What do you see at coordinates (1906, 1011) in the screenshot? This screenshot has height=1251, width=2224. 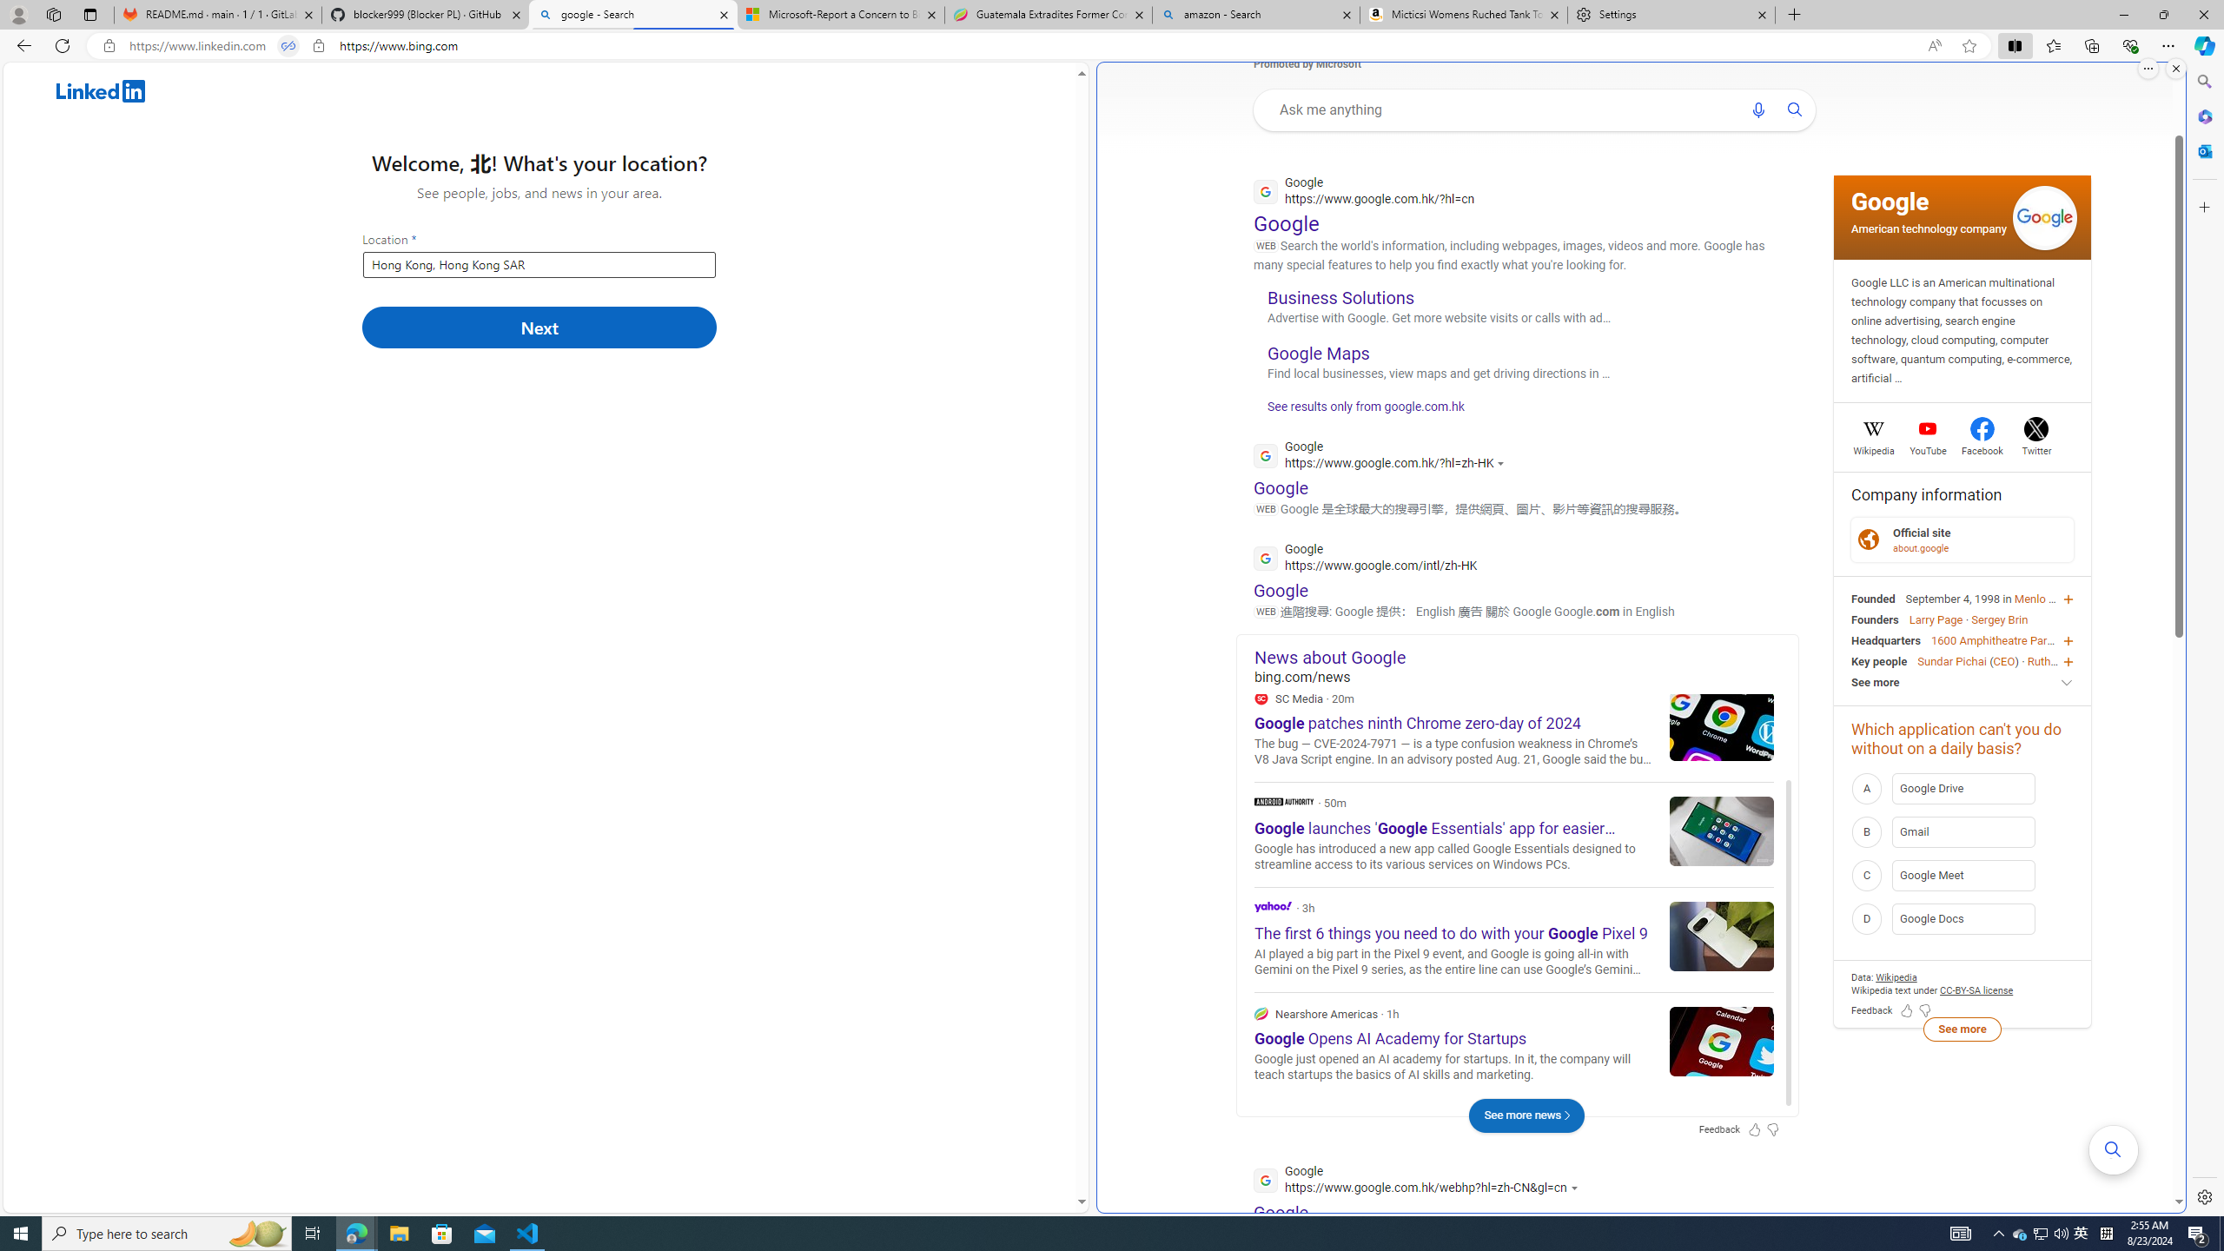 I see `'Feedback Like'` at bounding box center [1906, 1011].